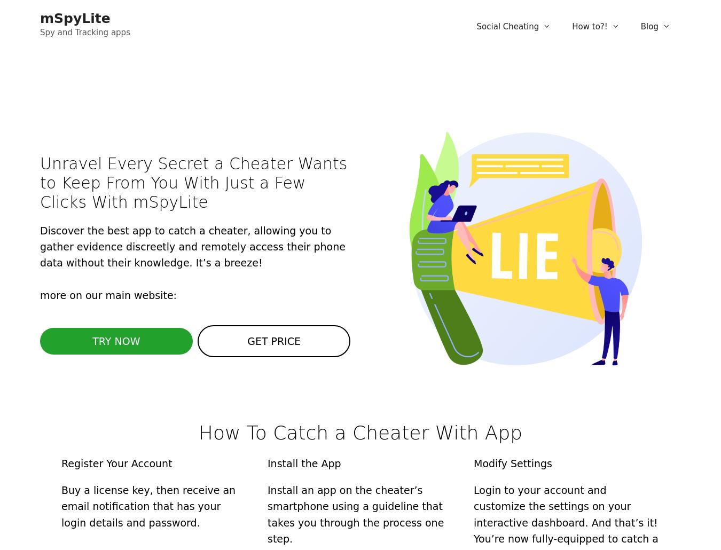 The width and height of the screenshot is (721, 550). Describe the element at coordinates (512, 462) in the screenshot. I see `'Modify Settings'` at that location.